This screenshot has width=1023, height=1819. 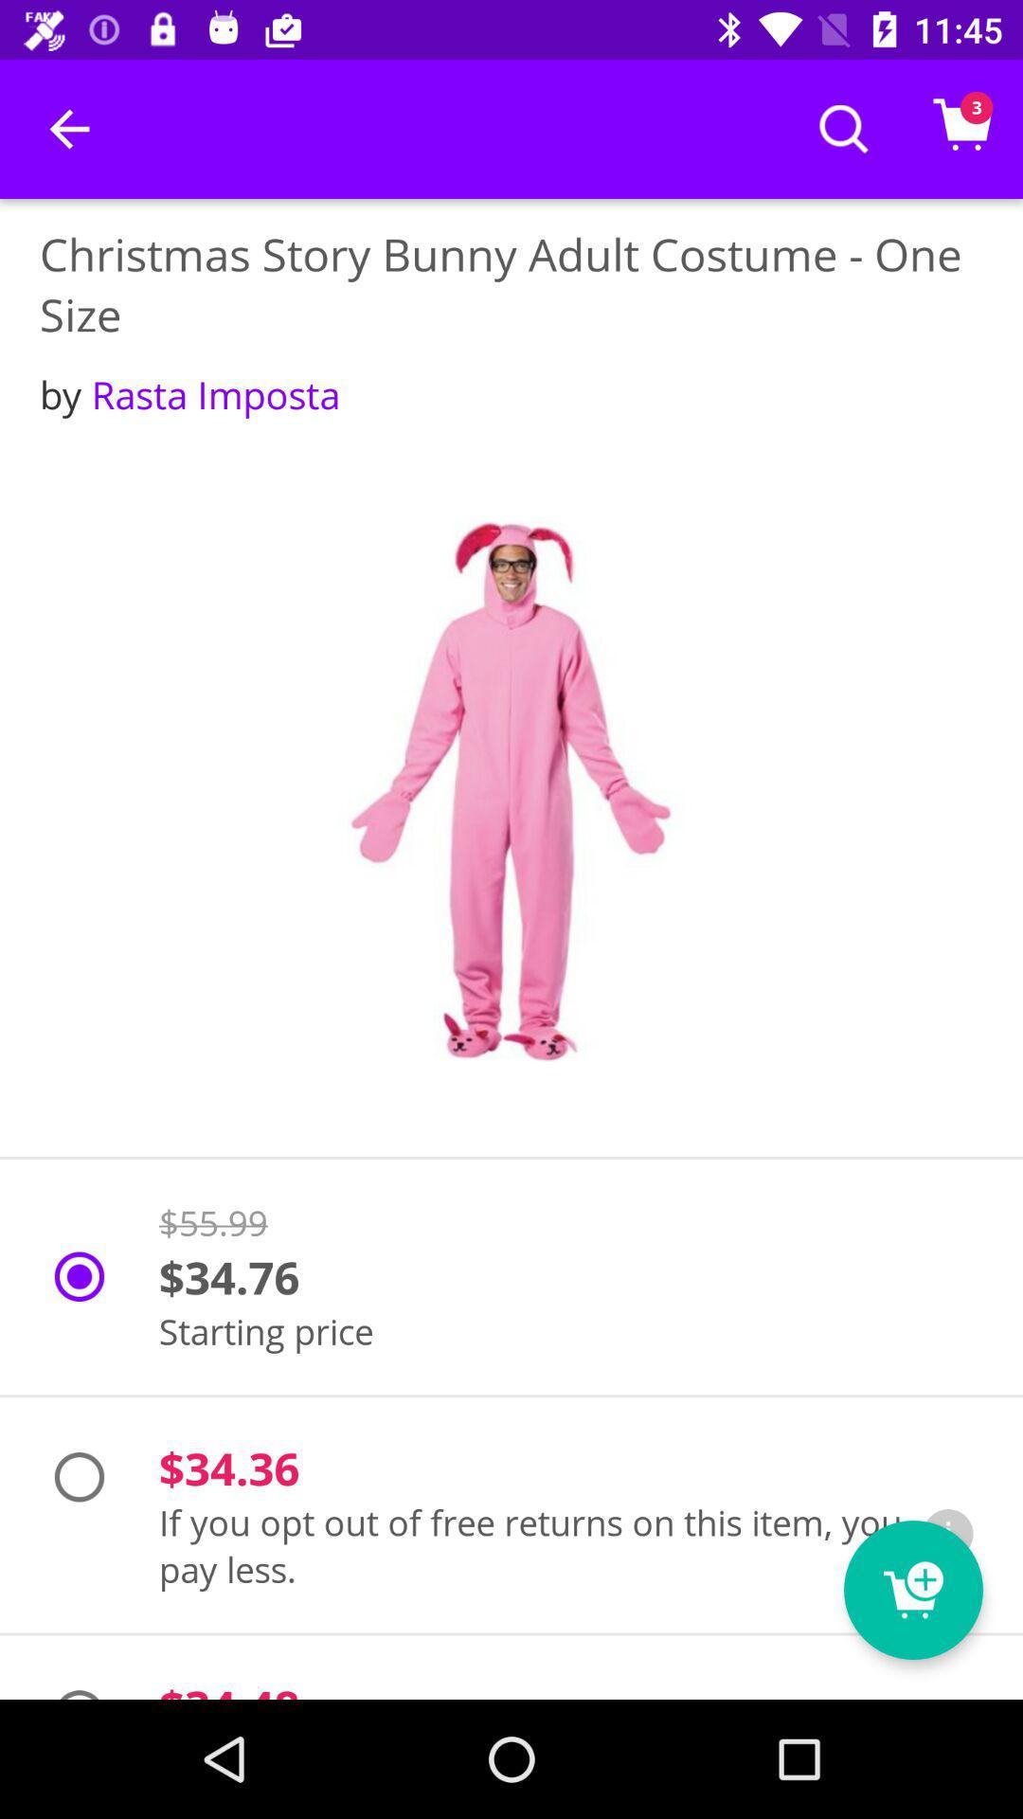 What do you see at coordinates (68, 128) in the screenshot?
I see `the icon above christmas story bunny icon` at bounding box center [68, 128].